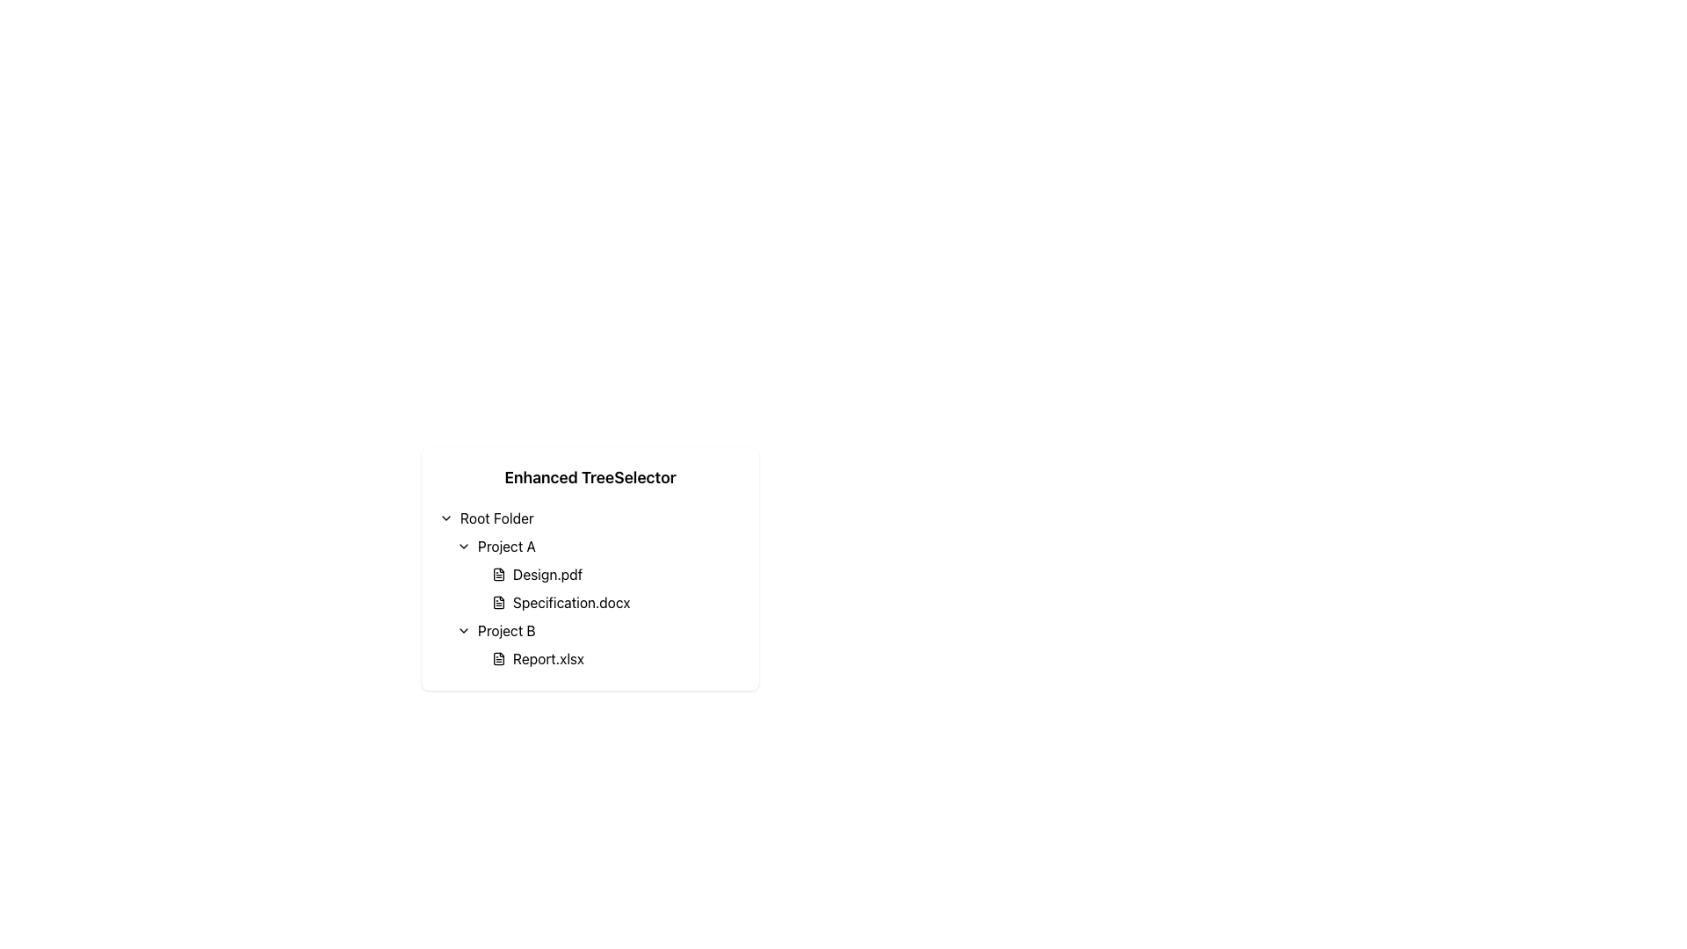 The image size is (1687, 949). I want to click on the toggle icon located, so click(446, 518).